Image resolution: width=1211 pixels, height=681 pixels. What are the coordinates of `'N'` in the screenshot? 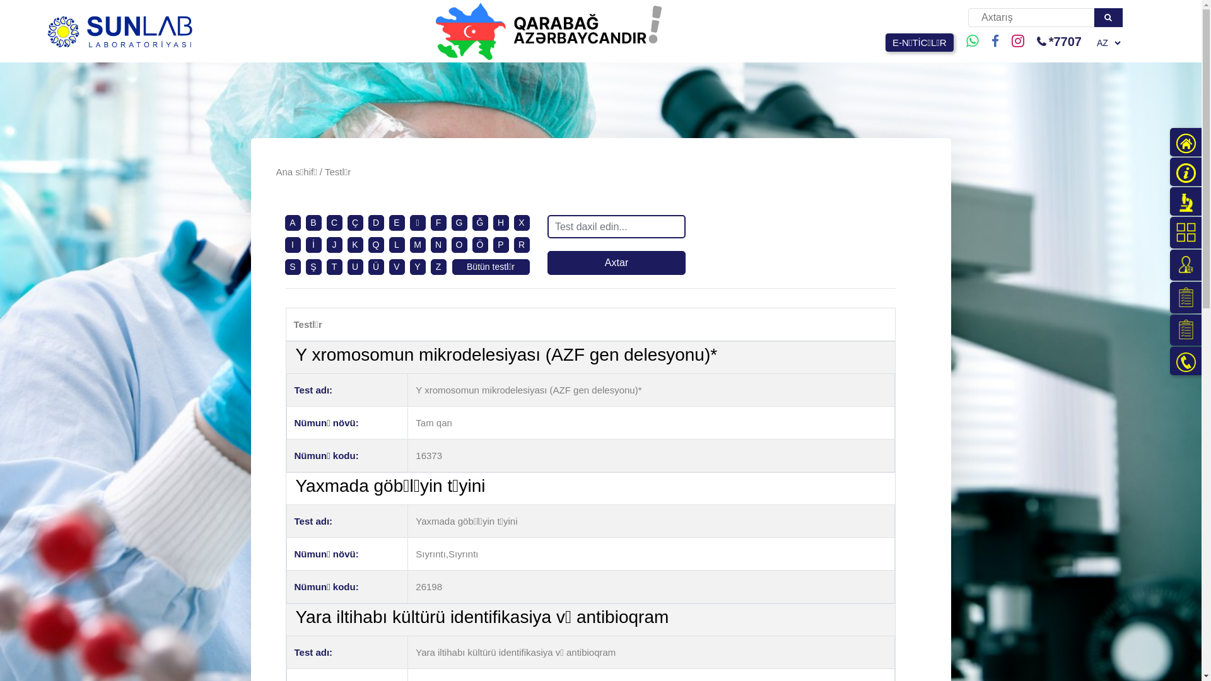 It's located at (435, 245).